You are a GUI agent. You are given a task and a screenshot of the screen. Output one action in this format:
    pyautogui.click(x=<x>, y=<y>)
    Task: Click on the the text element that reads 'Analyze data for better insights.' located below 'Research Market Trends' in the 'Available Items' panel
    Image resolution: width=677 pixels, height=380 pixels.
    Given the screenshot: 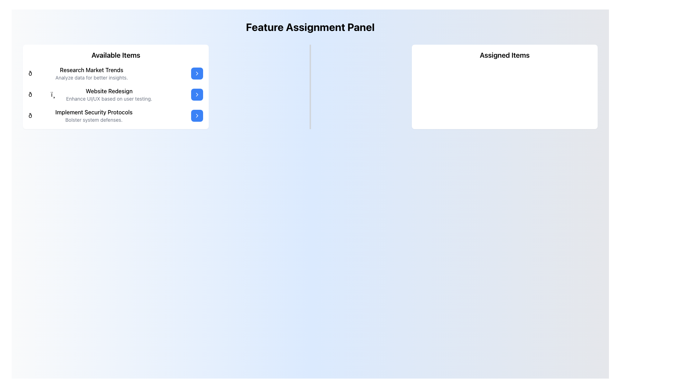 What is the action you would take?
    pyautogui.click(x=91, y=77)
    